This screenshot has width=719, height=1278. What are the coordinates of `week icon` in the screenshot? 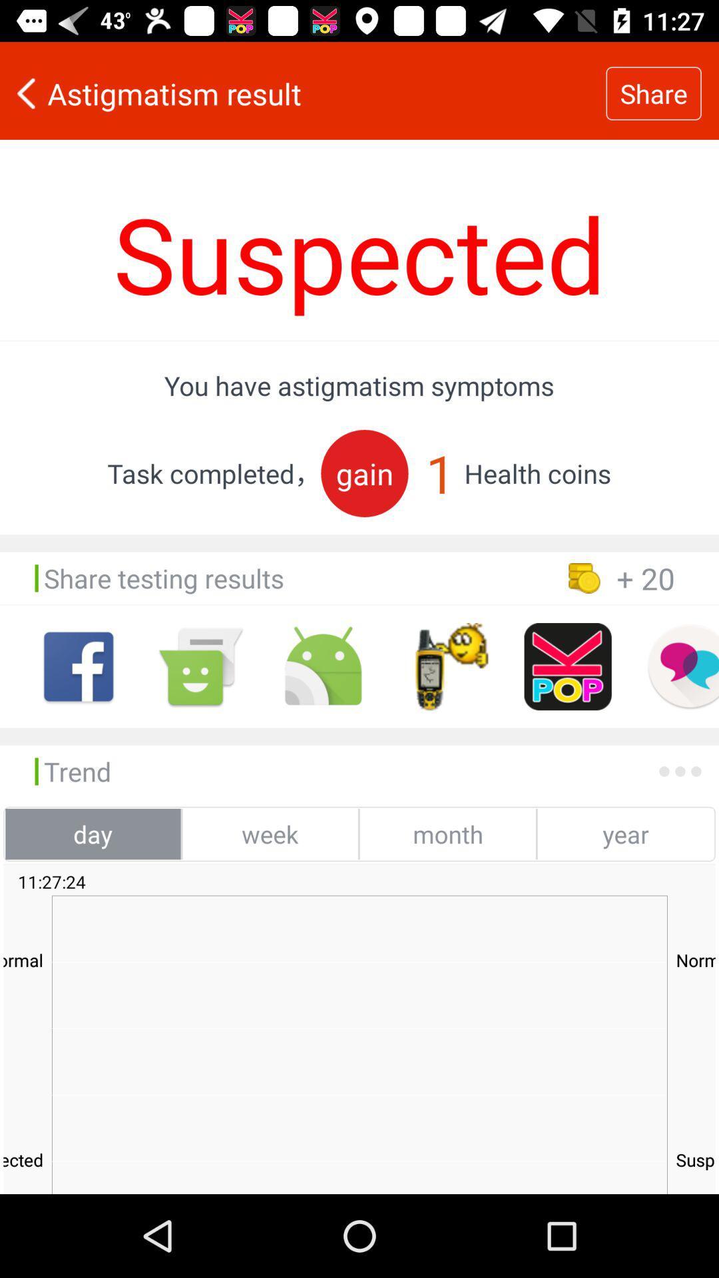 It's located at (270, 833).